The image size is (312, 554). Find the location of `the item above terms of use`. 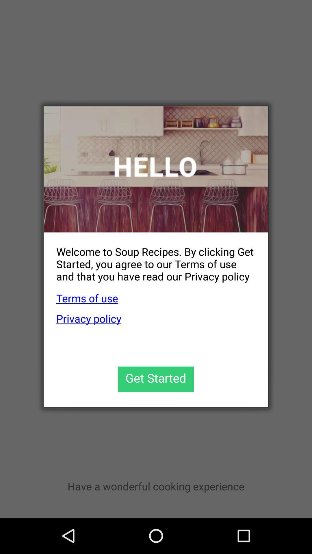

the item above terms of use is located at coordinates (150, 259).